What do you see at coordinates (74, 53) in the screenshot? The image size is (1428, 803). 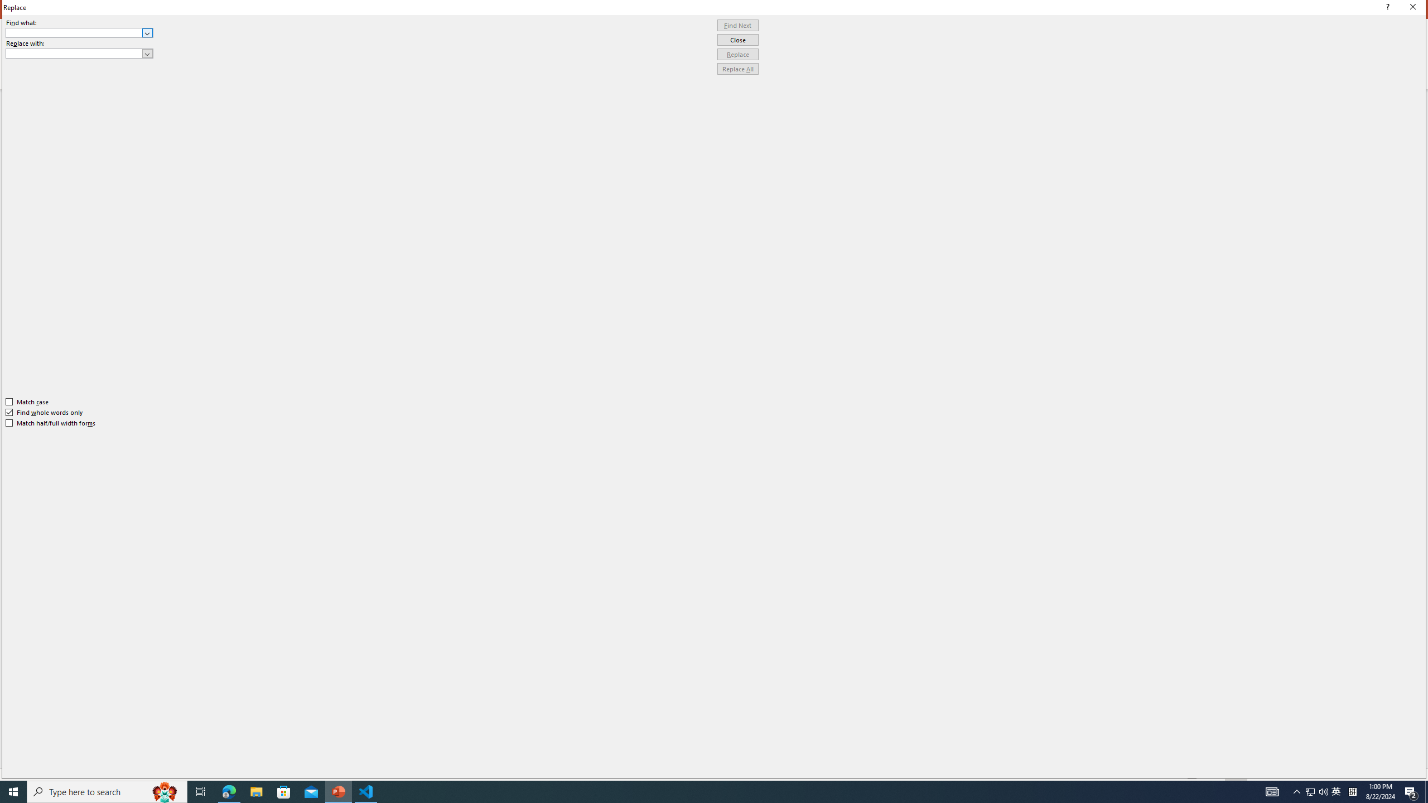 I see `'Replace with'` at bounding box center [74, 53].